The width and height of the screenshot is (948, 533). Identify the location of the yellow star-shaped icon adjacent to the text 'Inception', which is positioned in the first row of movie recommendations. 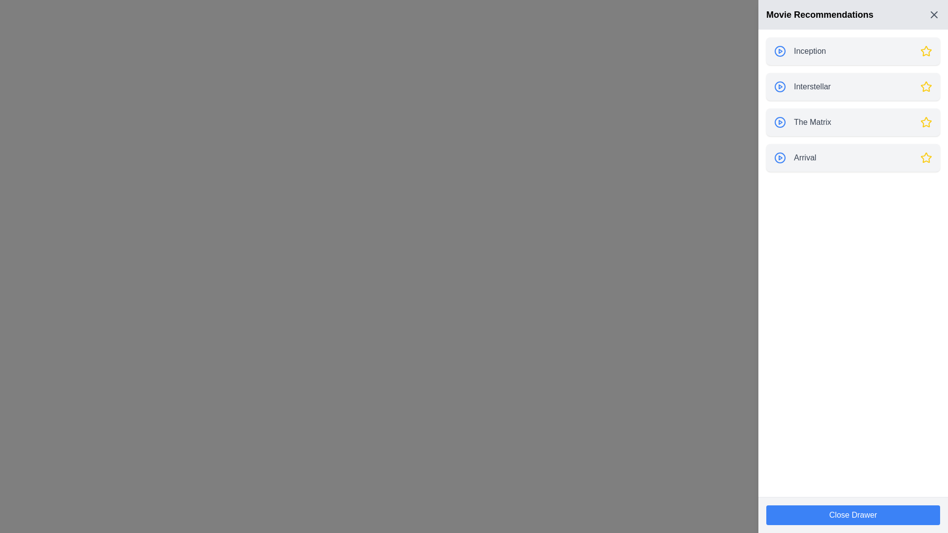
(926, 51).